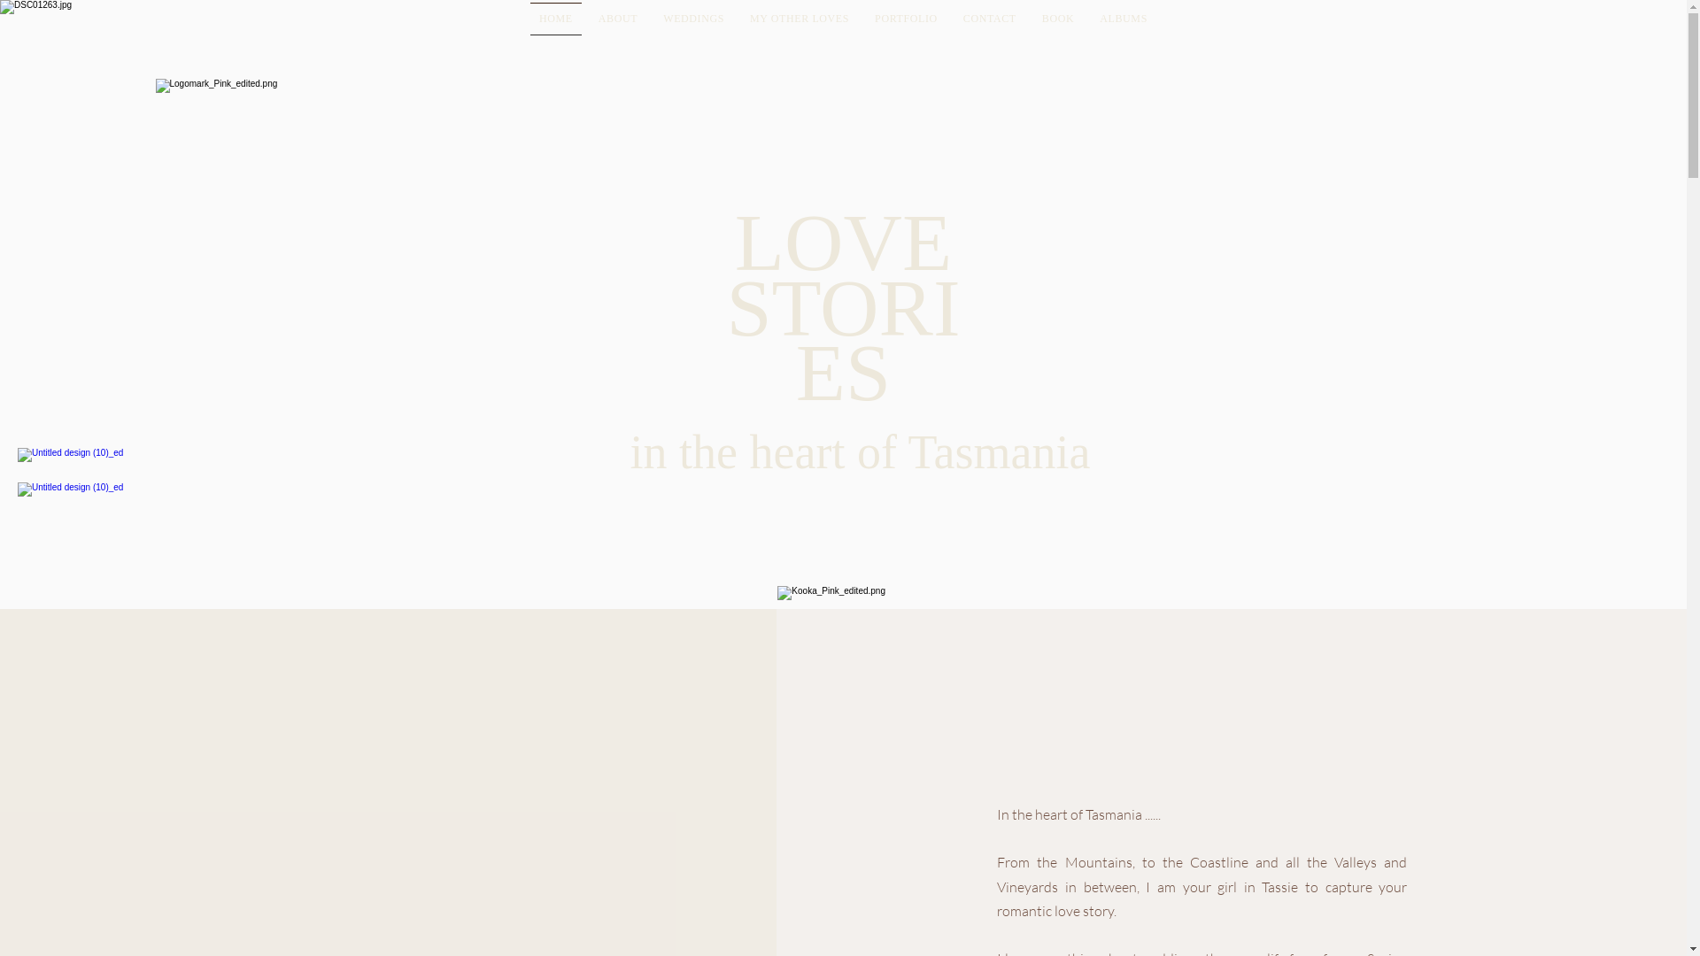  What do you see at coordinates (1057, 19) in the screenshot?
I see `'BOOK'` at bounding box center [1057, 19].